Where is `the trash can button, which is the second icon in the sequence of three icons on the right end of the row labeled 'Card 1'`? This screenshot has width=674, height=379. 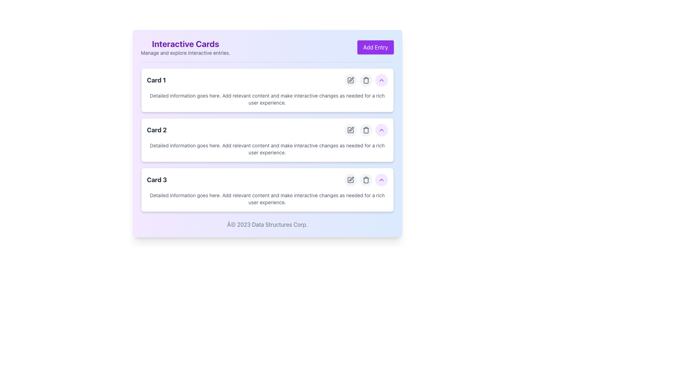 the trash can button, which is the second icon in the sequence of three icons on the right end of the row labeled 'Card 1' is located at coordinates (365, 80).